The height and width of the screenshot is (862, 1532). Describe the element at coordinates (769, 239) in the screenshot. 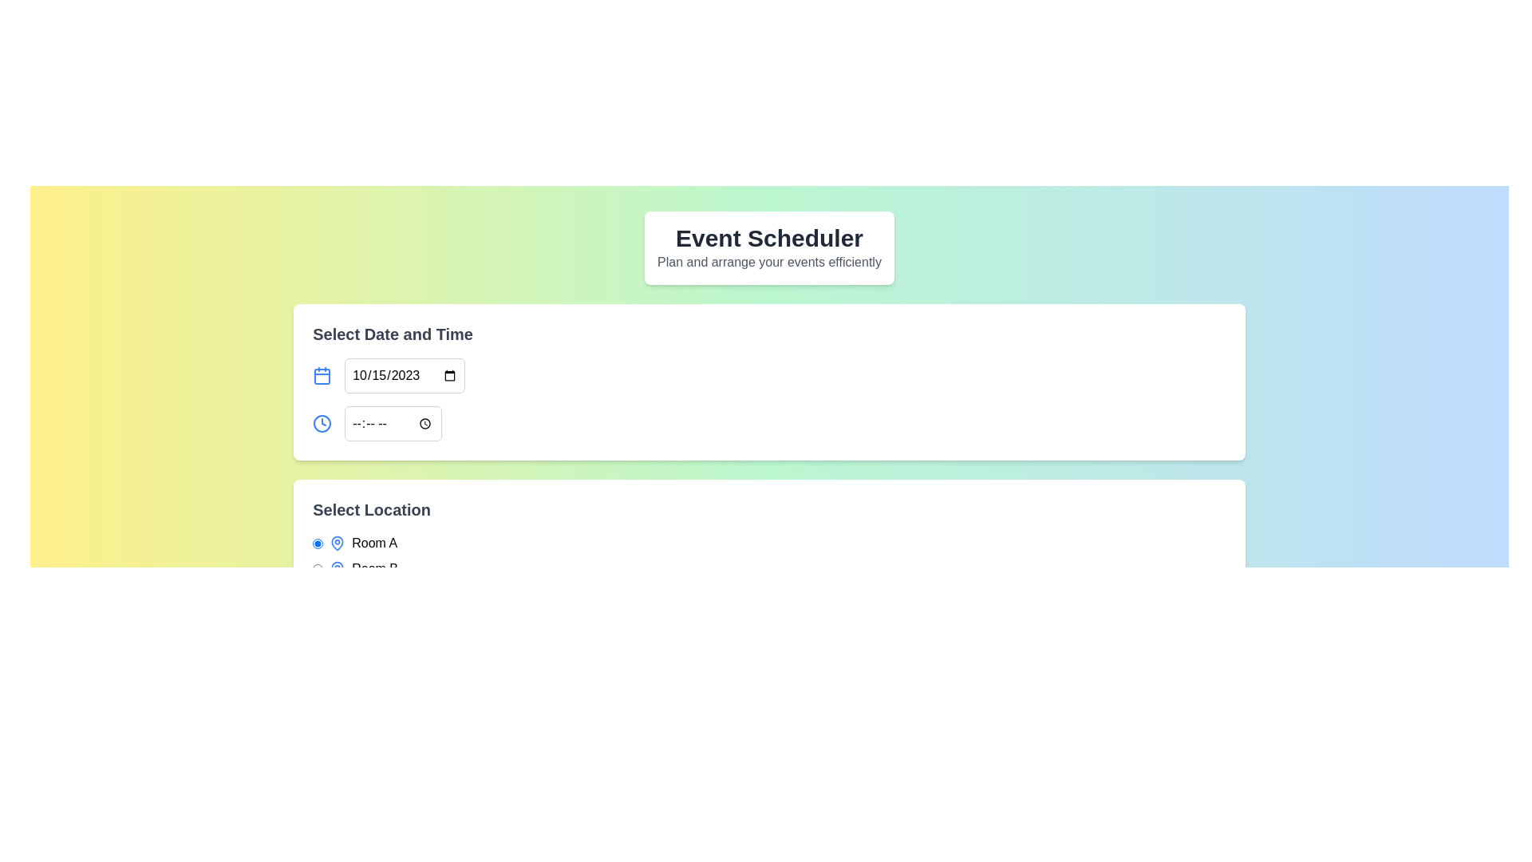

I see `the text label that serves as the title or heading for its section, positioned in a white, rounded box above the subtitle 'Plan and arrange your events efficiently'` at that location.